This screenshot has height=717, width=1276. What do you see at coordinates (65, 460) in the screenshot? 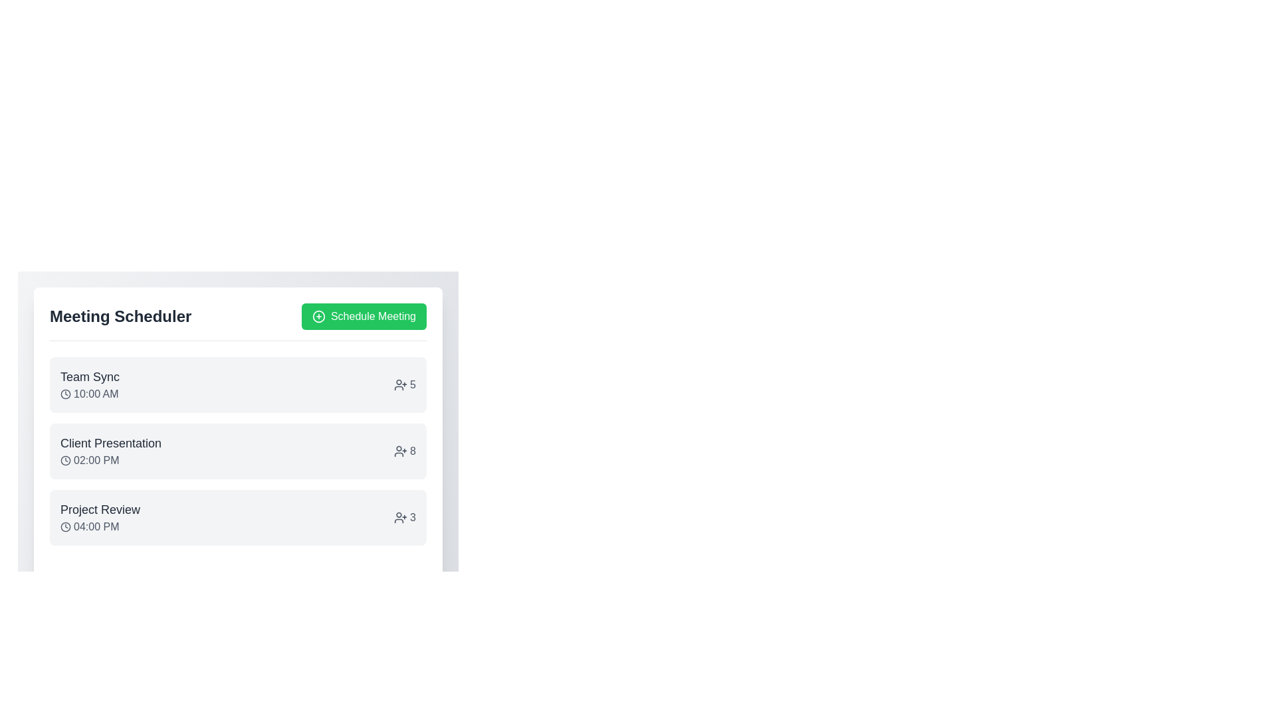
I see `the time icon located to the left of the time label '02:00 PM' in the 'Client Presentation' row for visual guidance` at bounding box center [65, 460].